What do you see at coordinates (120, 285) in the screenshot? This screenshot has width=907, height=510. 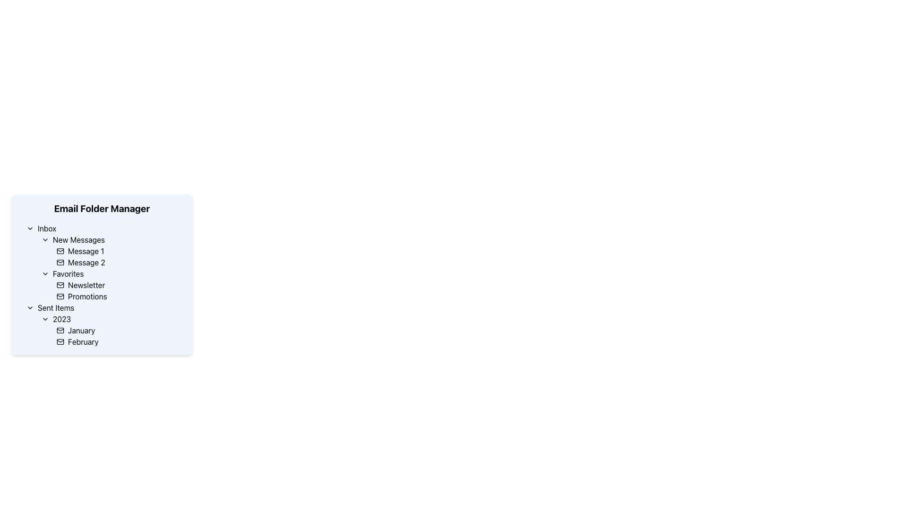 I see `the 'Newsletter' selectable list item located in the 'Favorites' subsection of the 'Email Folder Manager' interface, positioned directly above the 'Promotions' item` at bounding box center [120, 285].